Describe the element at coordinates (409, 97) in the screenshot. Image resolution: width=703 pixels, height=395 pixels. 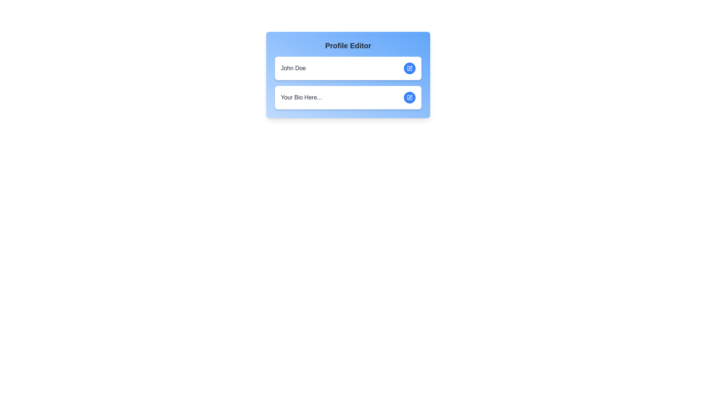
I see `the circular blue button with a pen icon located in the top-right corner of the 'Your Bio Here...' input field within the 'Profile Editor' card` at that location.